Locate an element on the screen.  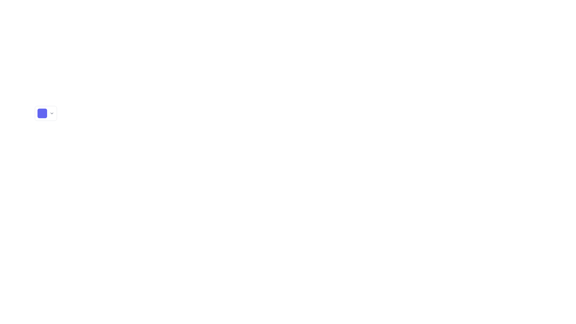
the rectangular button with rounded corners and a bordered design that contains a blue square and a gray downward-pointing chevron icon is located at coordinates (46, 113).